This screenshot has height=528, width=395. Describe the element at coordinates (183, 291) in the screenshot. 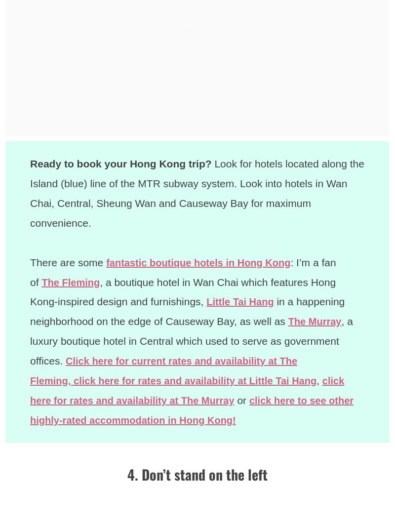

I see `', a boutique hotel in Wan Chai which features Hong Kong-inspired design and furnishings,'` at that location.